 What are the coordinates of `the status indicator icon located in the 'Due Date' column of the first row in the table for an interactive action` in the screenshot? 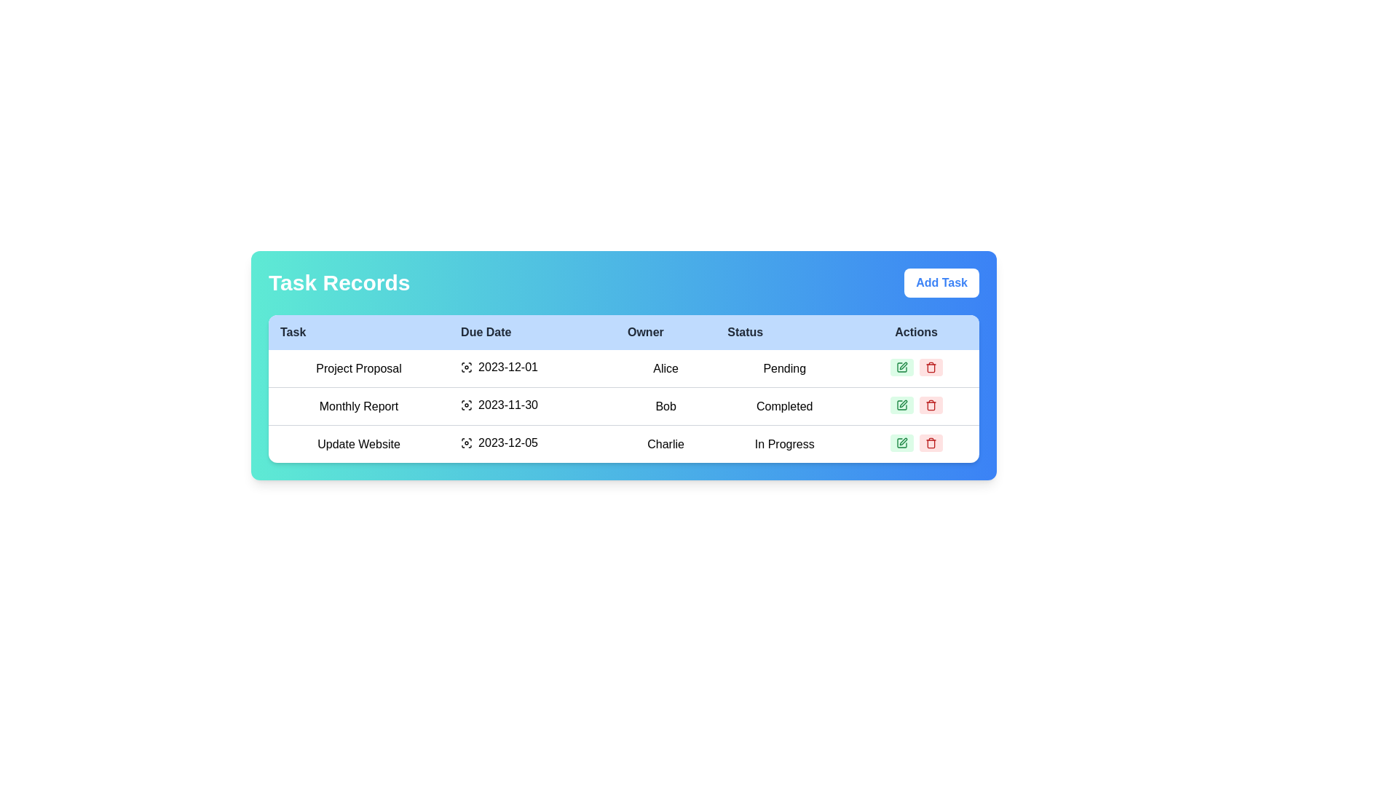 It's located at (467, 367).